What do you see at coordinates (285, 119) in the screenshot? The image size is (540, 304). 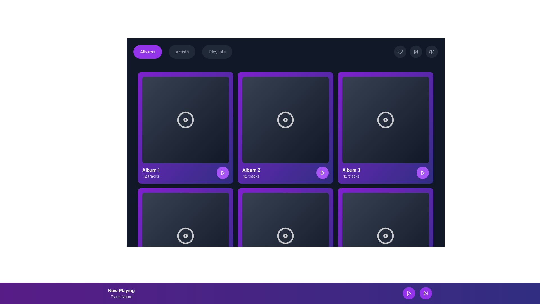 I see `the decorative icon in the second tile of the grid layout, which signifies a disc or album, located within the 'Album 2' tile` at bounding box center [285, 119].